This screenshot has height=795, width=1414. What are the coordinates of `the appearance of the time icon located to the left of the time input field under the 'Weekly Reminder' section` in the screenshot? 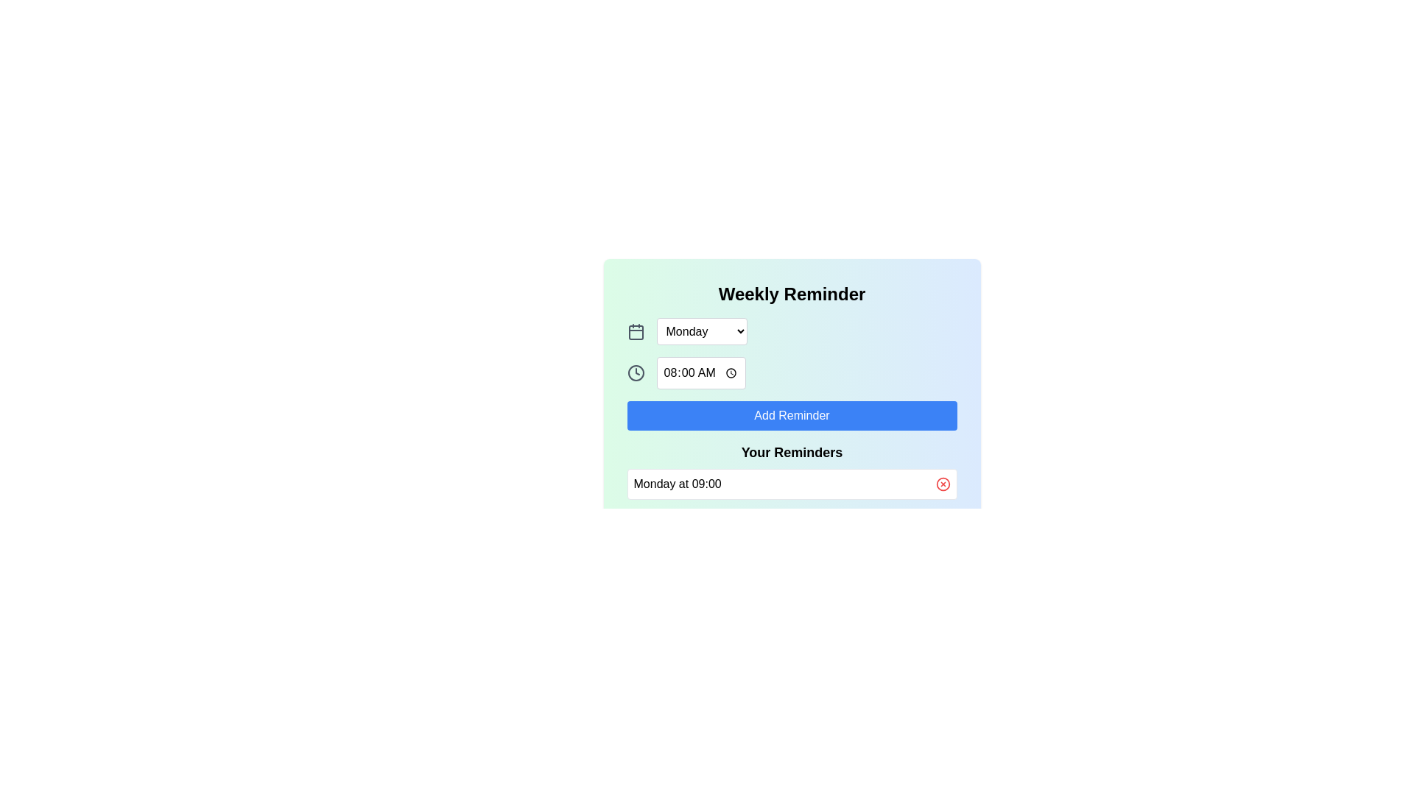 It's located at (636, 372).